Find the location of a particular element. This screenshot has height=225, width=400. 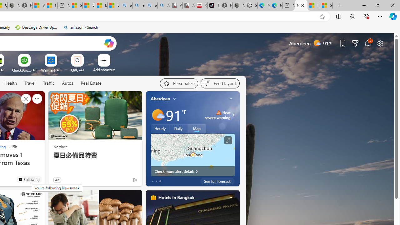

'Ad' is located at coordinates (57, 180).